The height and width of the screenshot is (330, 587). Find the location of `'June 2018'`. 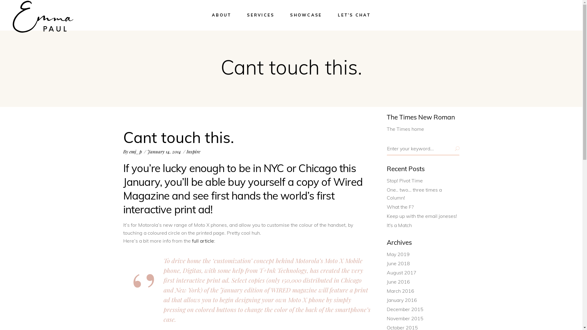

'June 2018' is located at coordinates (398, 263).